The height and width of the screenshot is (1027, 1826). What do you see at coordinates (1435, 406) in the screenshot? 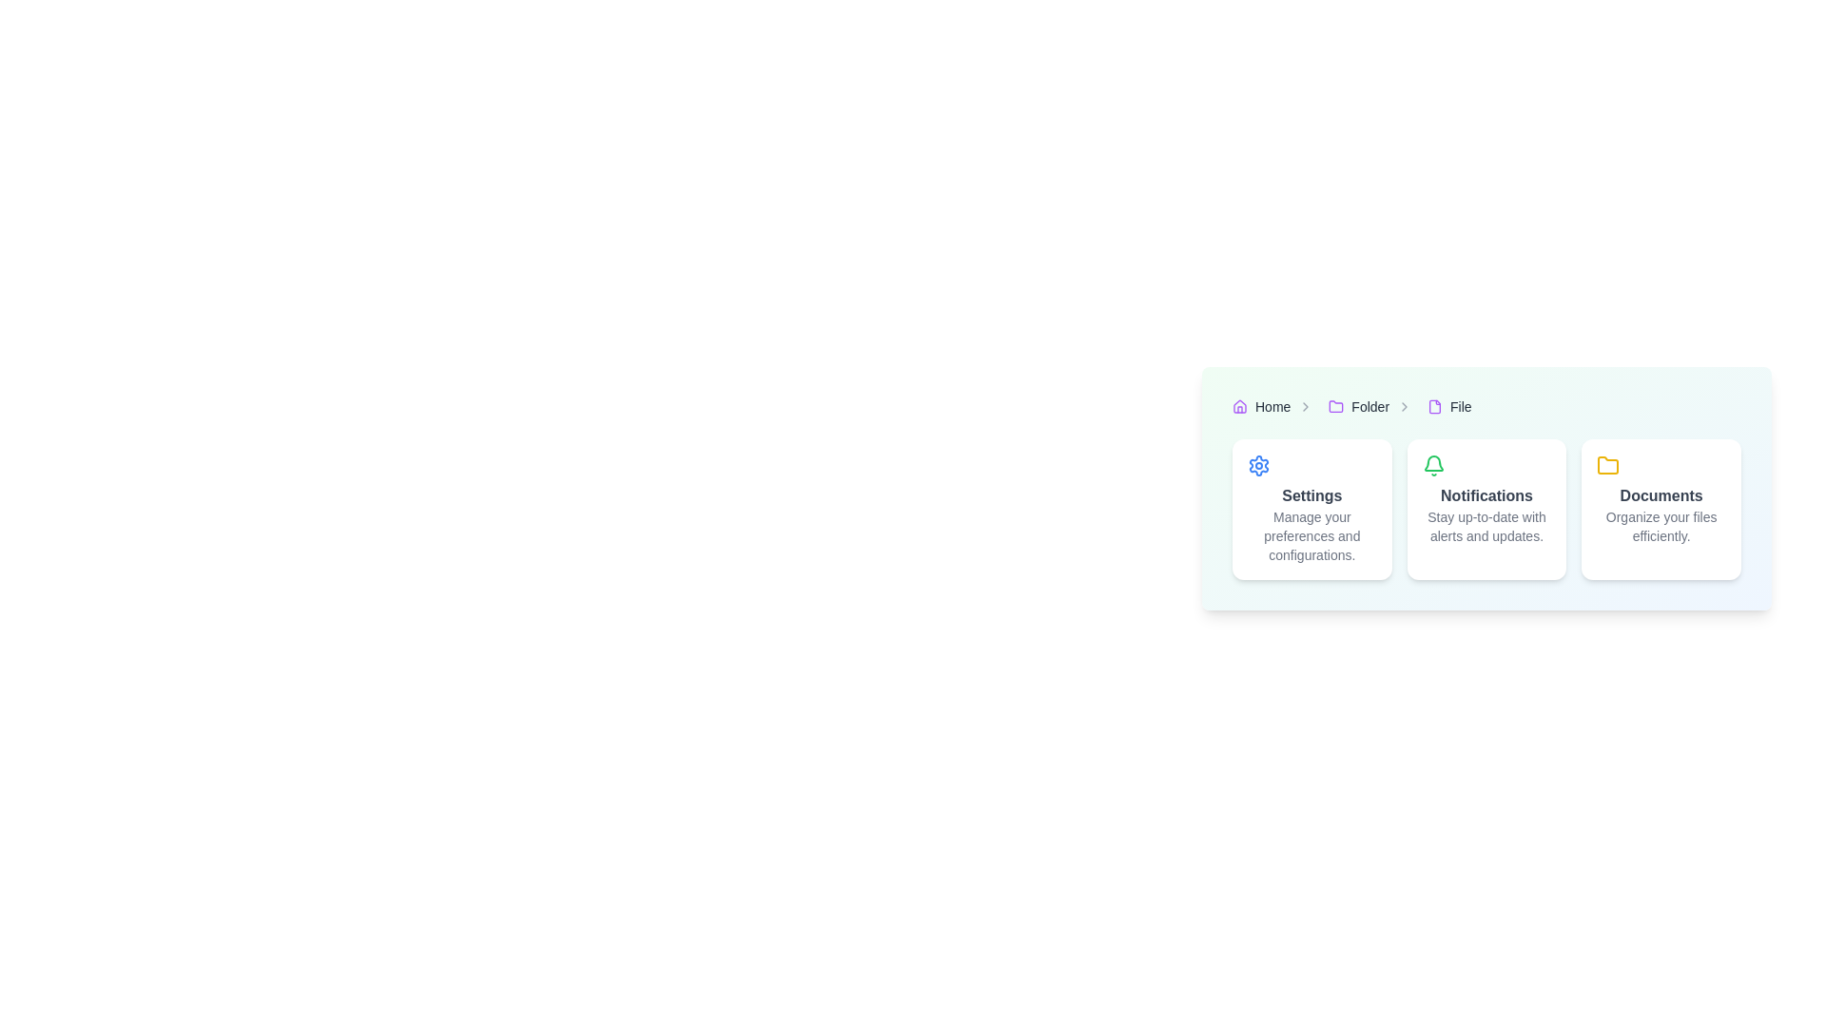
I see `the purple document icon located at the beginning of the breadcrumb navigation link labeled 'File'` at bounding box center [1435, 406].